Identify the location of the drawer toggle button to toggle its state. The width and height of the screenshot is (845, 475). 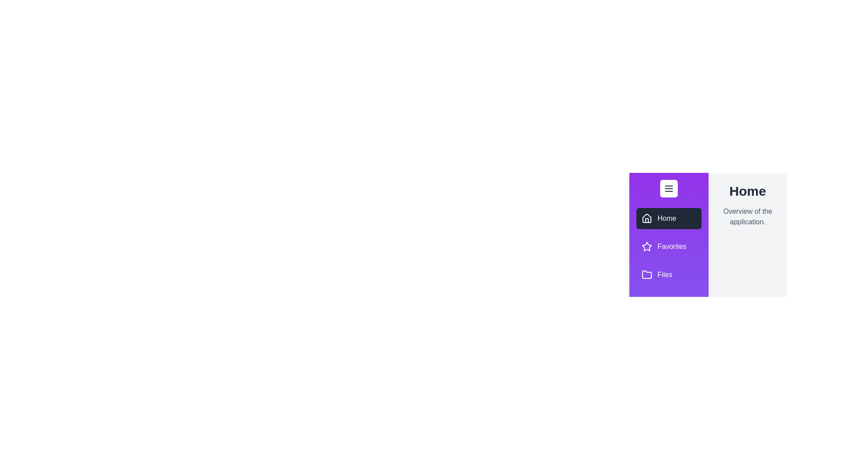
(669, 188).